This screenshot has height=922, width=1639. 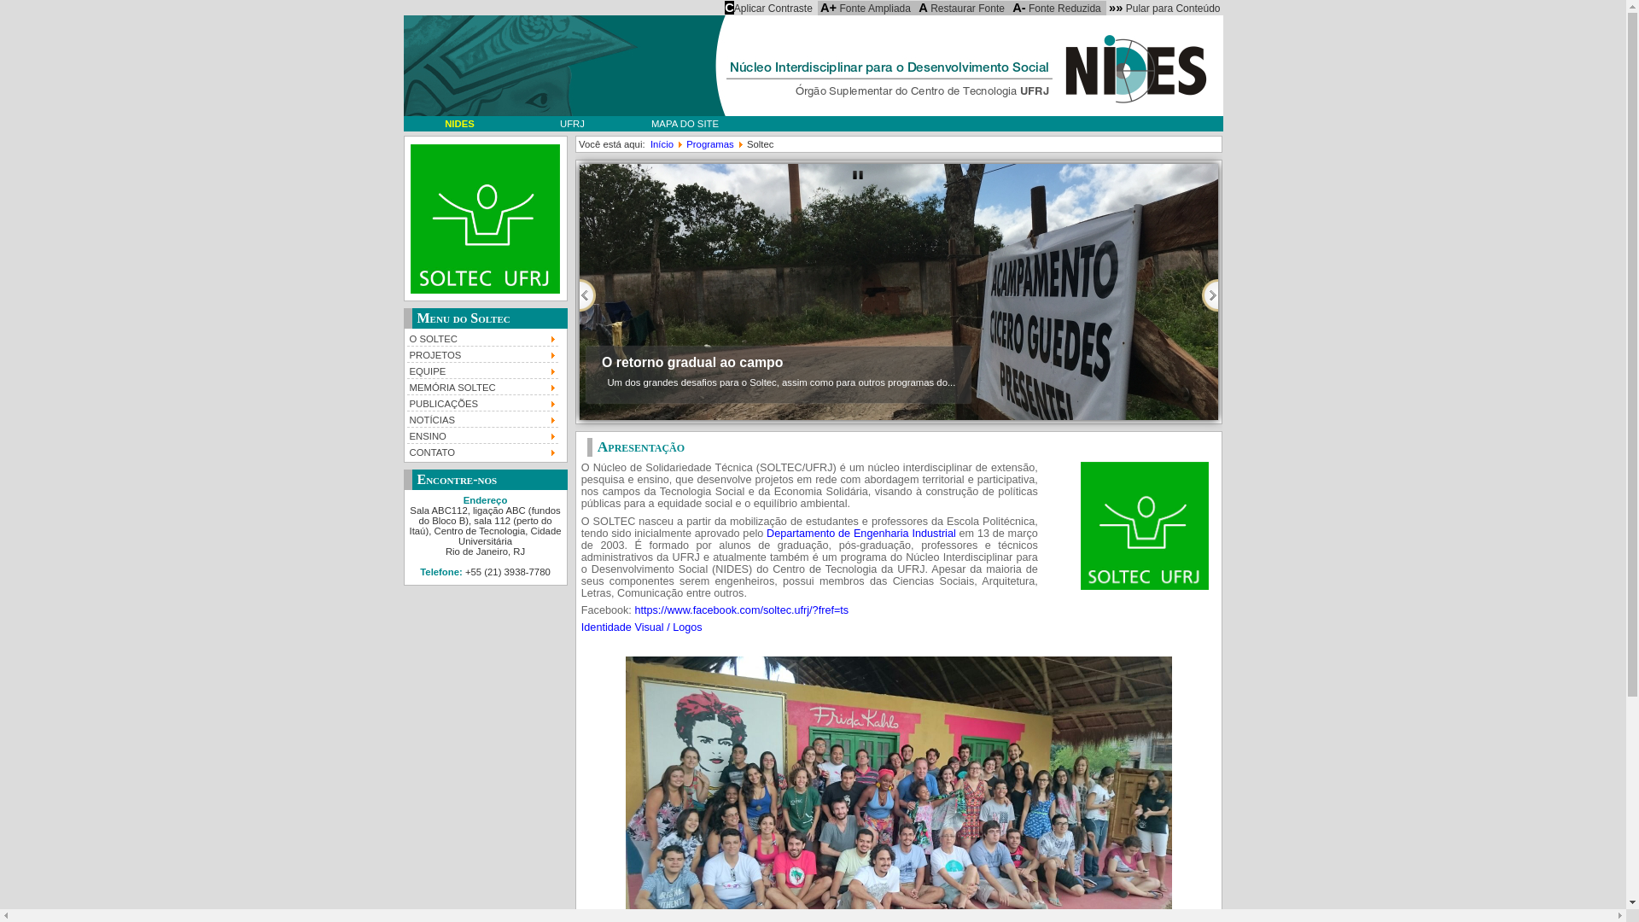 What do you see at coordinates (587, 295) in the screenshot?
I see `'Previous'` at bounding box center [587, 295].